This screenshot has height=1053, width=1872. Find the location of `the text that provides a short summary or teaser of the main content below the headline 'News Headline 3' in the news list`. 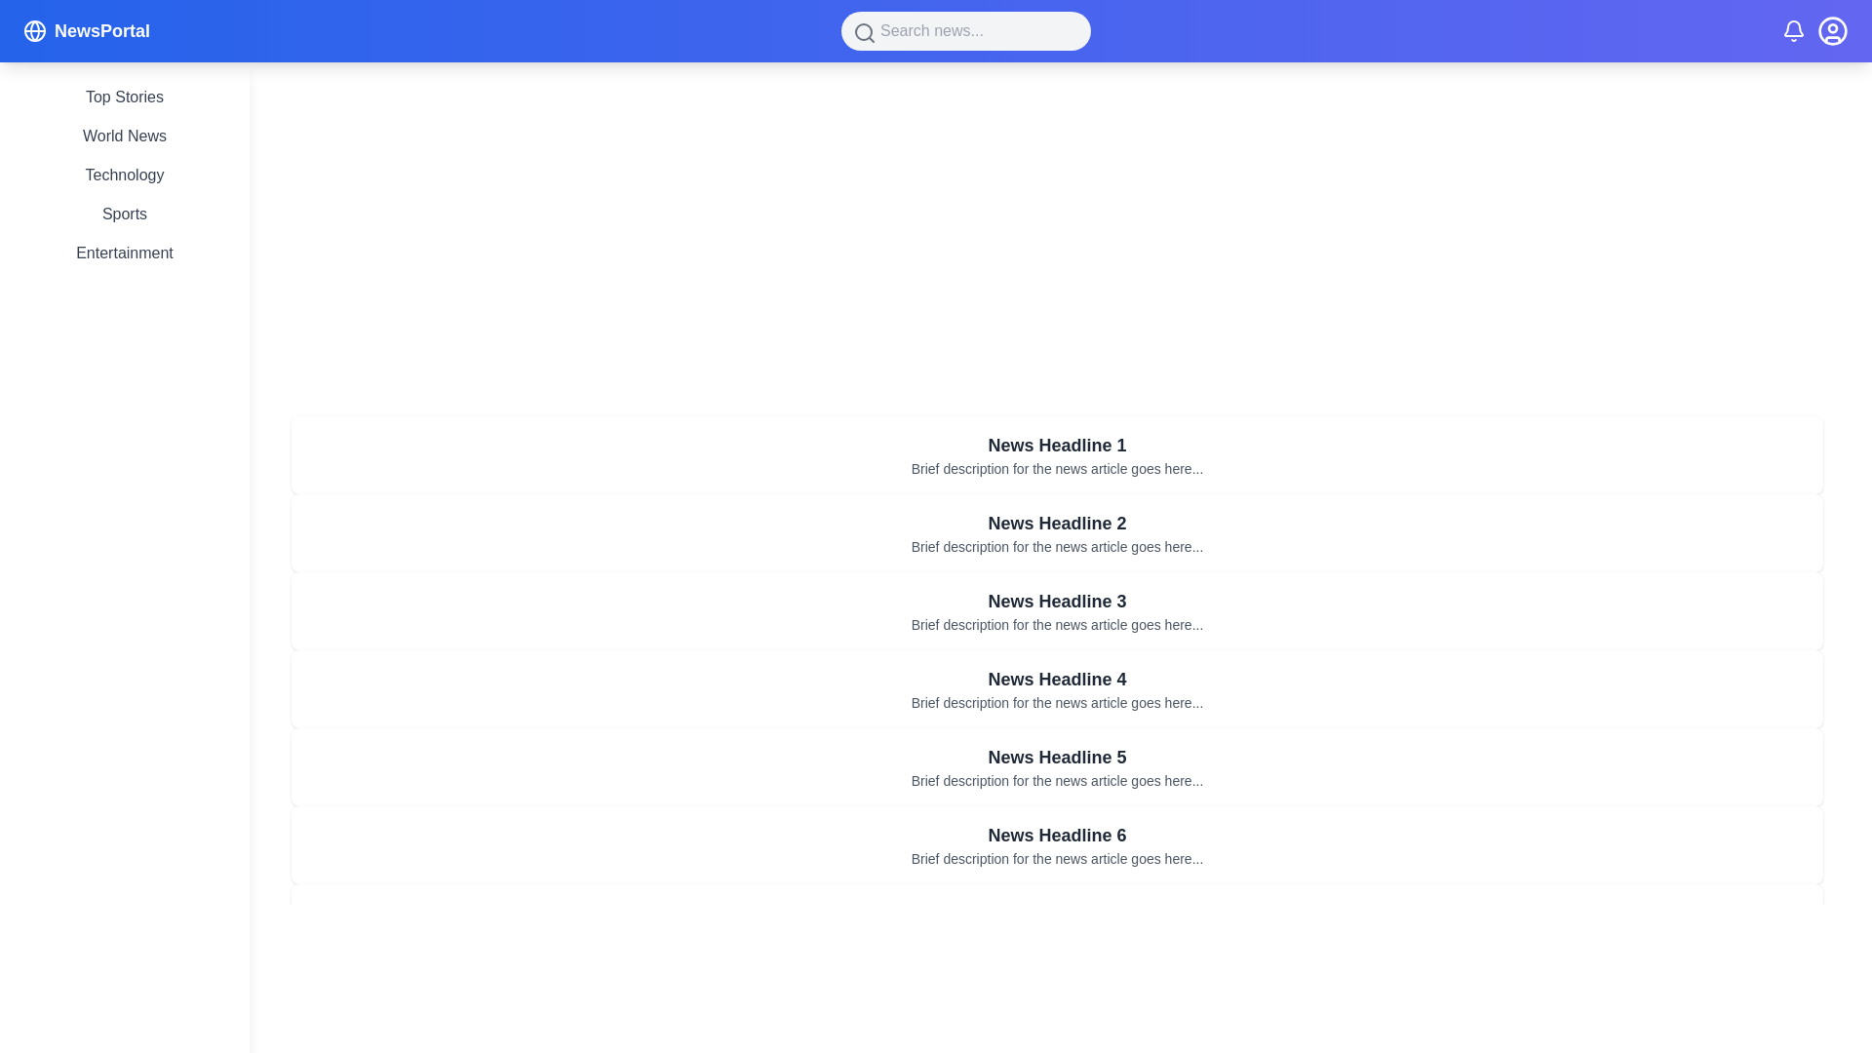

the text that provides a short summary or teaser of the main content below the headline 'News Headline 3' in the news list is located at coordinates (1056, 624).